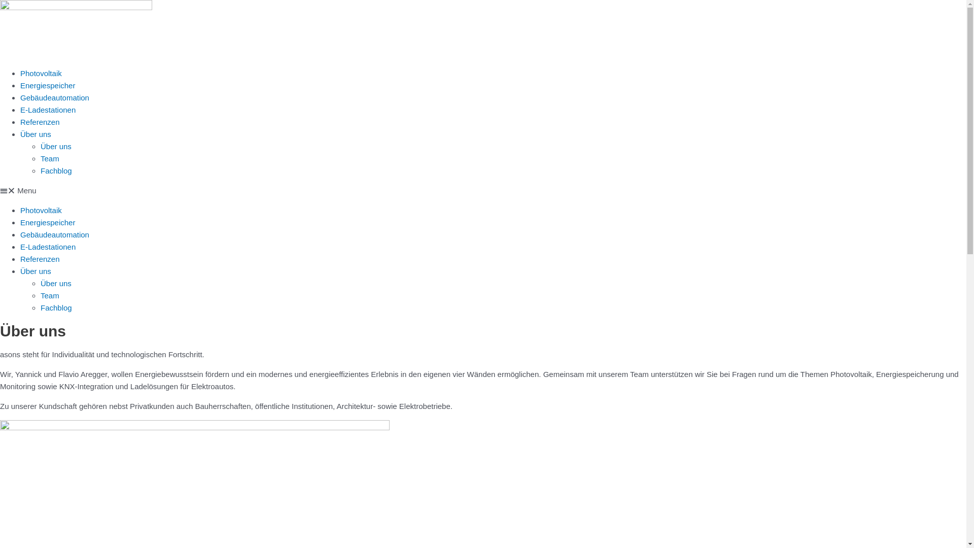  Describe the element at coordinates (20, 73) in the screenshot. I see `'Photovoltaik'` at that location.